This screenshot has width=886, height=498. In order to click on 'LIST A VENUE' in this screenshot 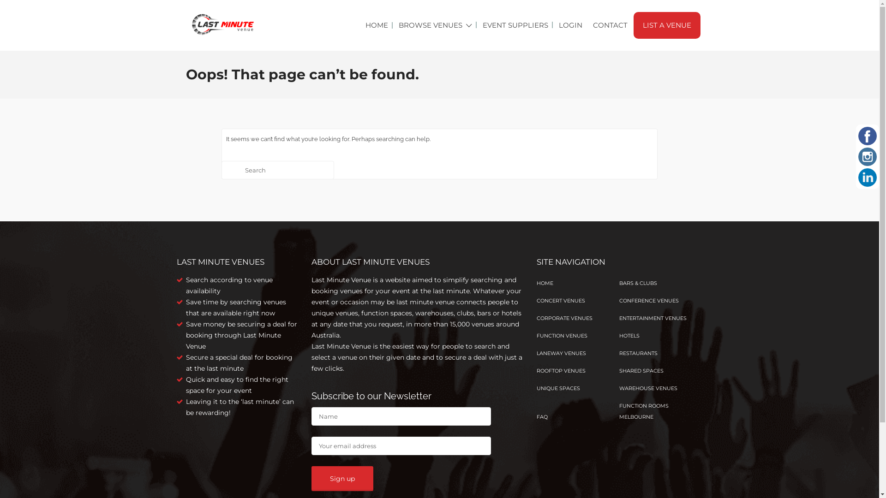, I will do `click(666, 24)`.